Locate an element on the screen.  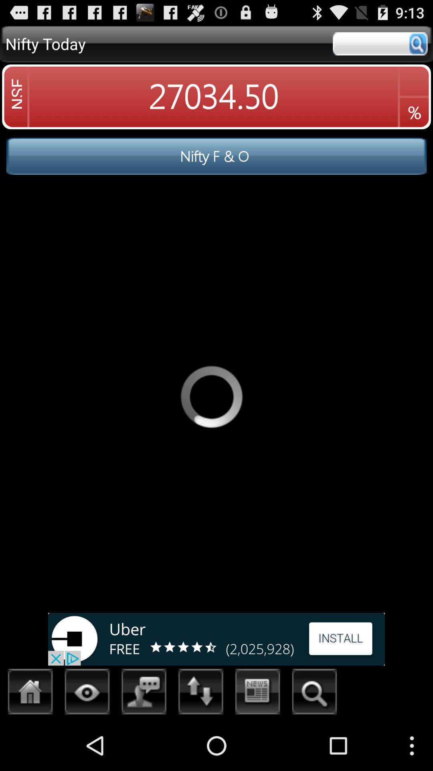
icon page is located at coordinates (87, 693).